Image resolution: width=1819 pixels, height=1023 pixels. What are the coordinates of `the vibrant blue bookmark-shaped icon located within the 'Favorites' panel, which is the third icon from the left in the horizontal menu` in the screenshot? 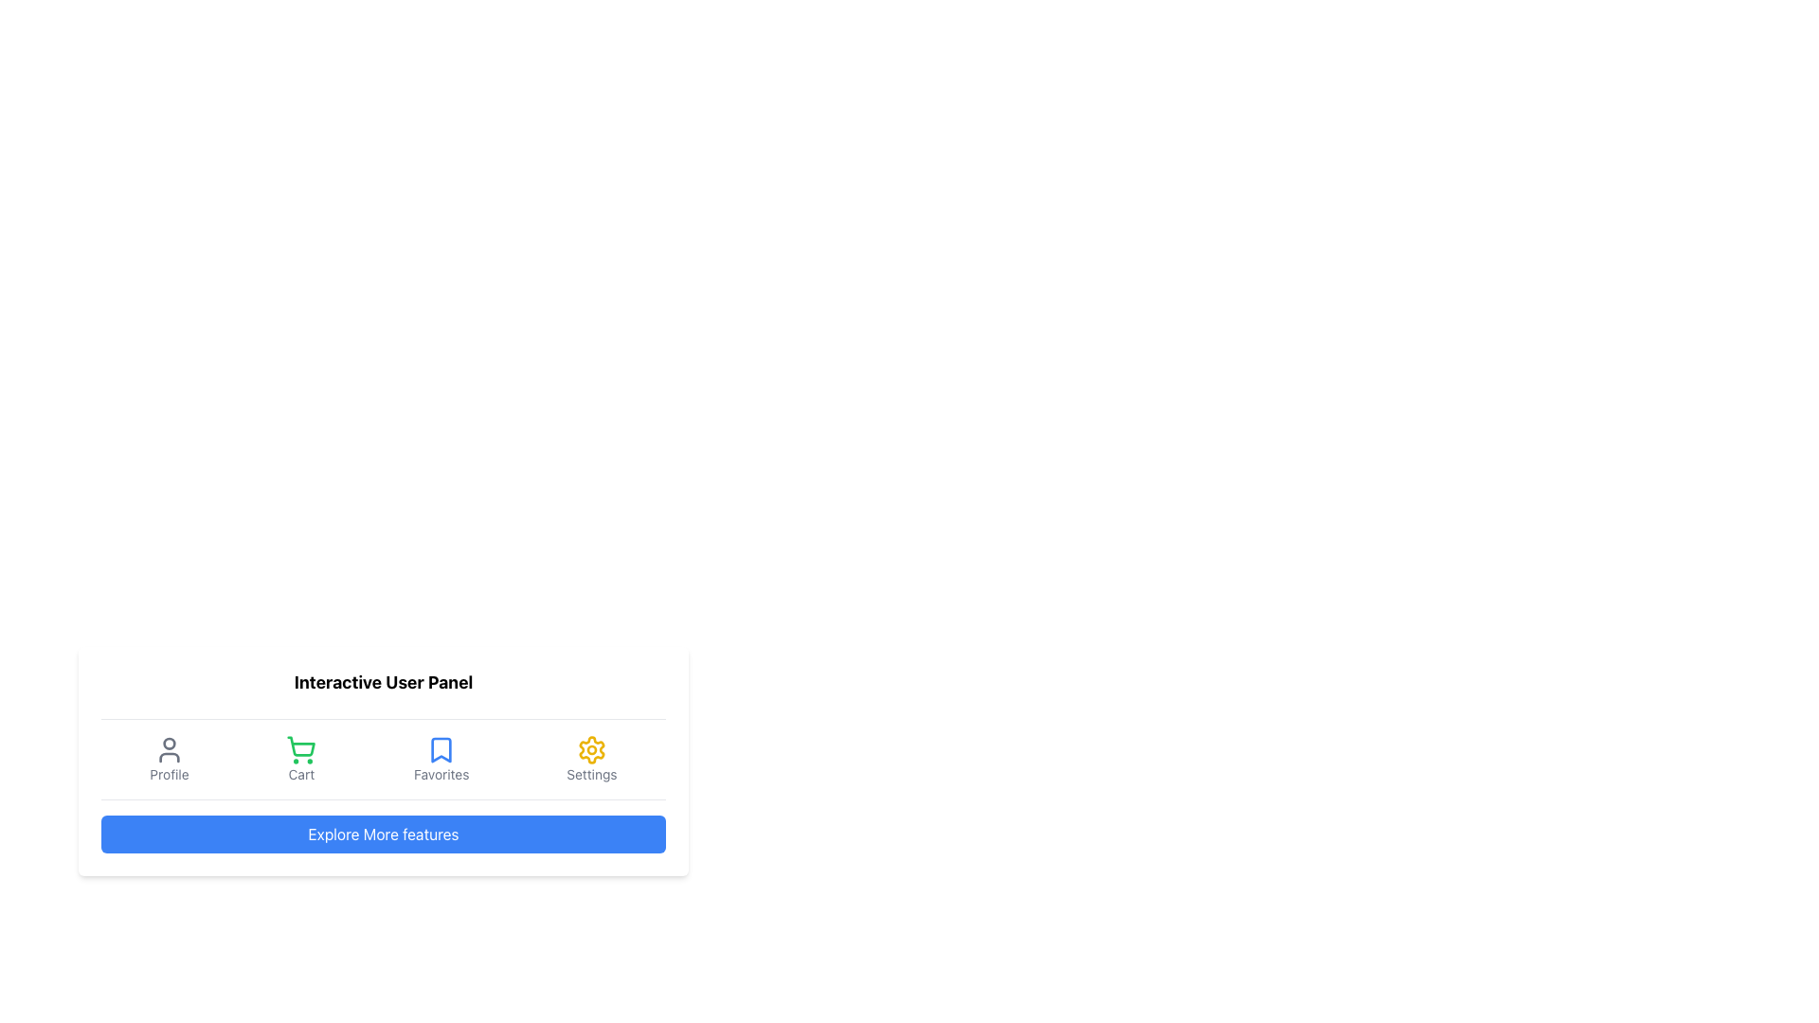 It's located at (441, 748).